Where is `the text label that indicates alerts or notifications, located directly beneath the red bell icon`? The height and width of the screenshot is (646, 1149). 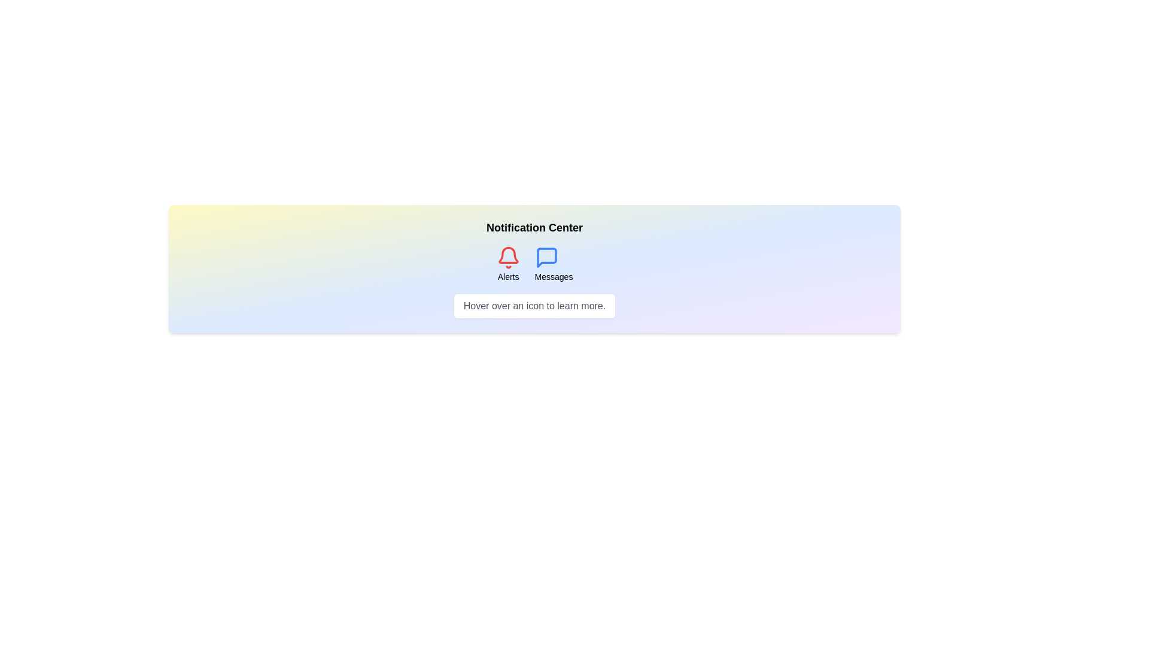 the text label that indicates alerts or notifications, located directly beneath the red bell icon is located at coordinates (508, 276).